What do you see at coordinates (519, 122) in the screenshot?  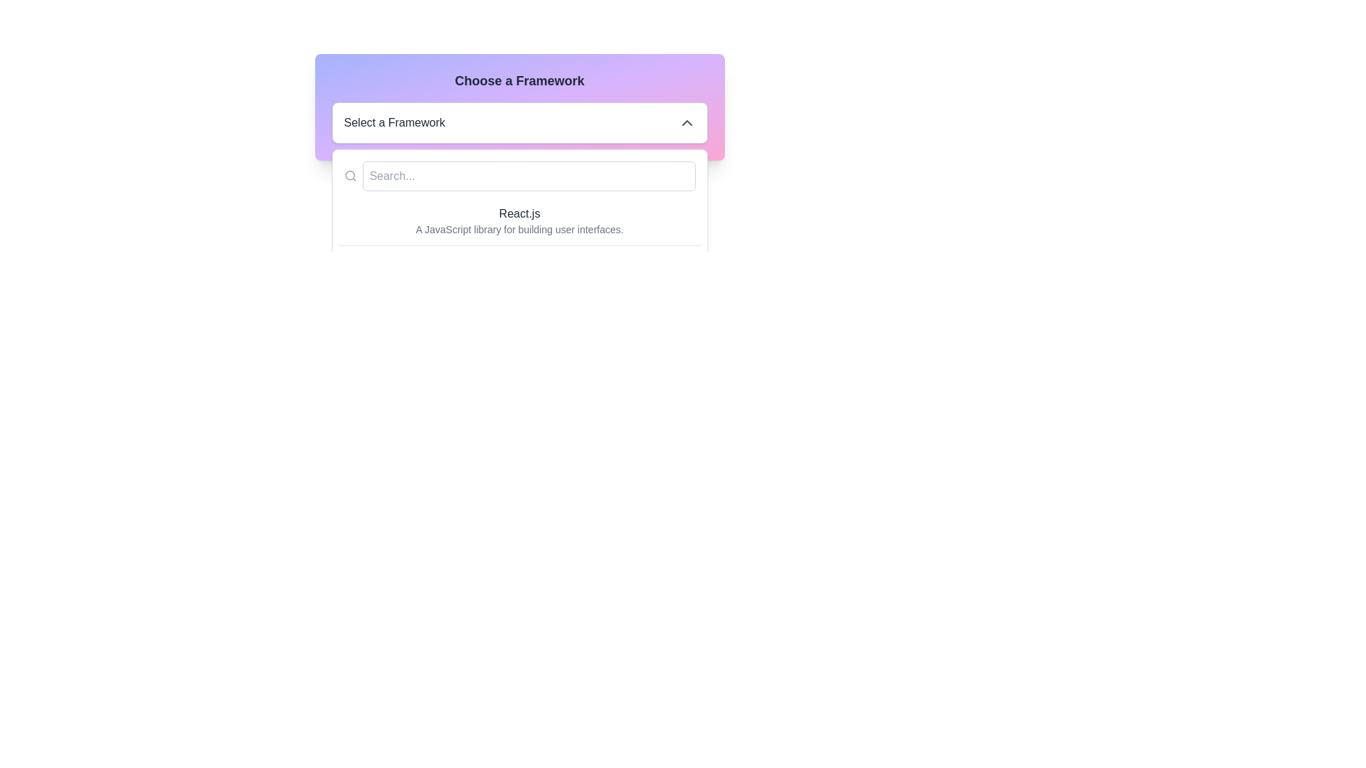 I see `the dropdown menu selector labeled 'Select a Framework'` at bounding box center [519, 122].